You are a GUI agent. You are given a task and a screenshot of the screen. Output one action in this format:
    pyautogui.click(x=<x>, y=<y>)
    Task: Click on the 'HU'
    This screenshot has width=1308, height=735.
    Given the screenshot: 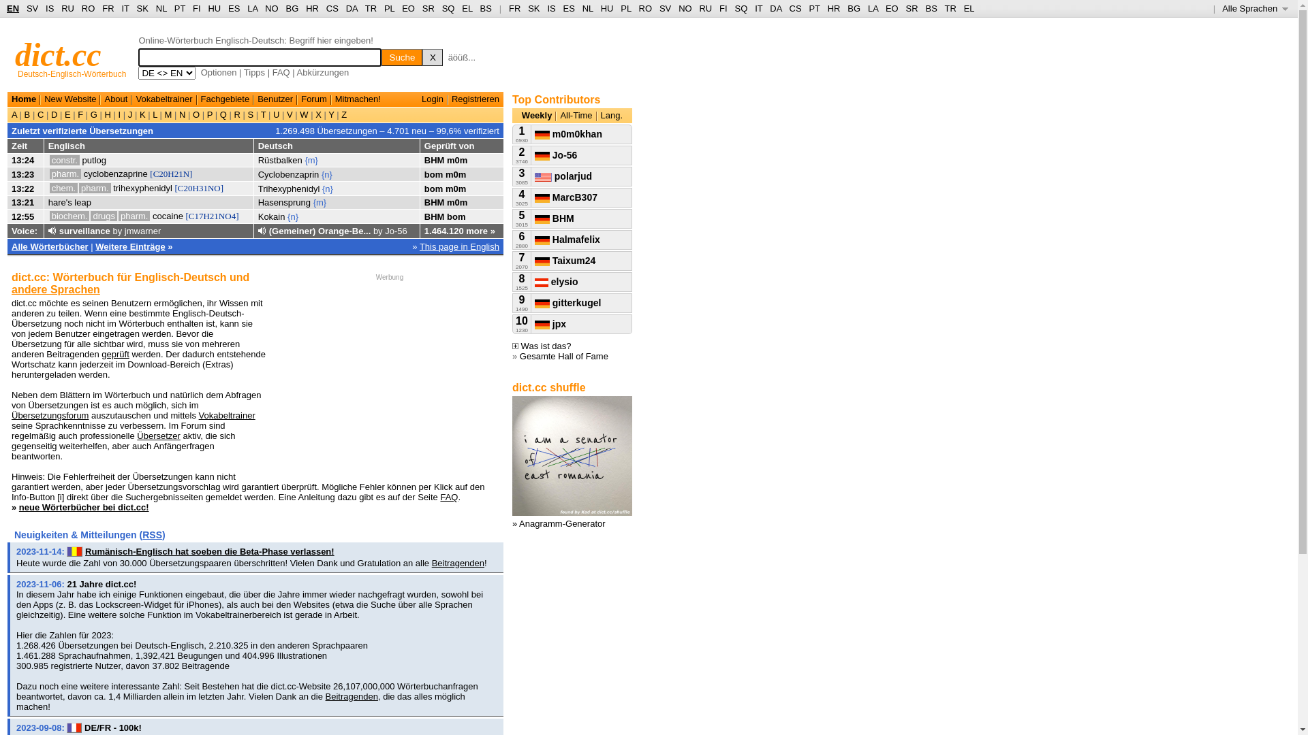 What is the action you would take?
    pyautogui.click(x=606, y=8)
    